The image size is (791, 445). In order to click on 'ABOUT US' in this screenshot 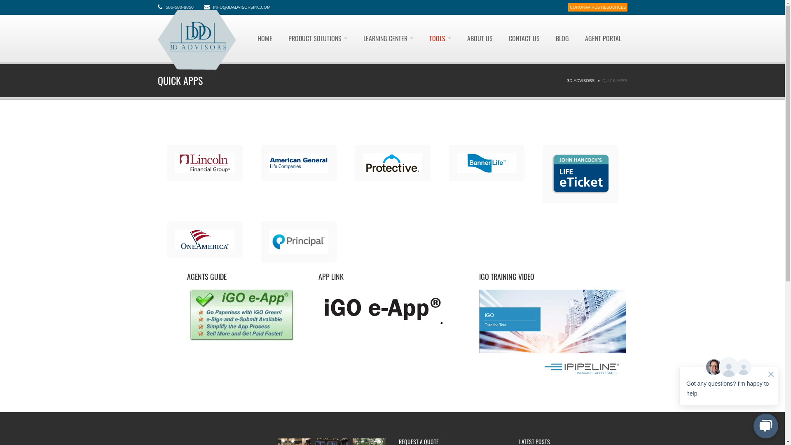, I will do `click(479, 38)`.